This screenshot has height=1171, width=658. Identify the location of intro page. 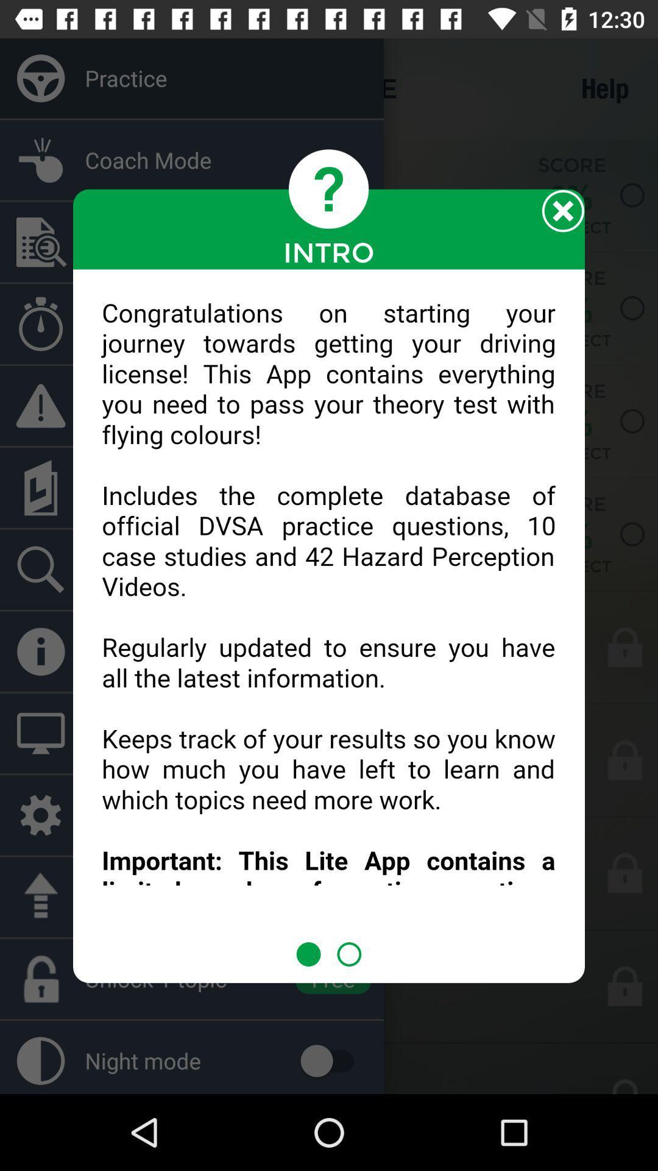
(329, 606).